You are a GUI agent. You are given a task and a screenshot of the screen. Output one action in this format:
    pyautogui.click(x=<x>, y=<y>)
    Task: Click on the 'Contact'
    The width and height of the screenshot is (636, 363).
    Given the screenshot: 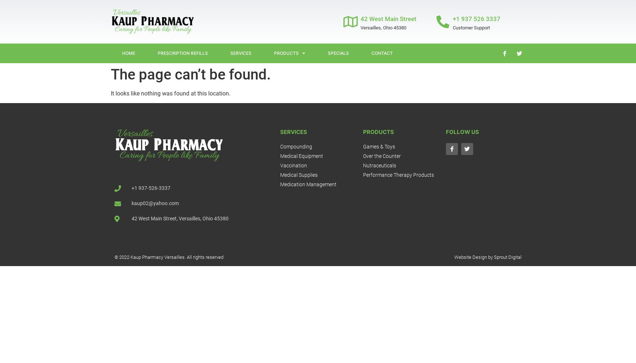 What is the action you would take?
    pyautogui.click(x=382, y=53)
    